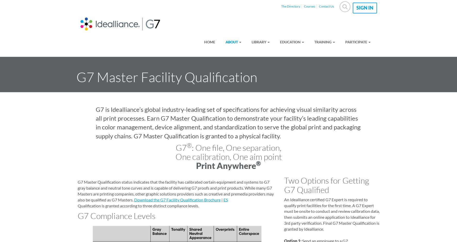 This screenshot has height=242, width=457. What do you see at coordinates (356, 41) in the screenshot?
I see `'Participate'` at bounding box center [356, 41].